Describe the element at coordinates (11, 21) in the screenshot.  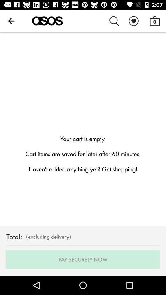
I see `the item above your cart is icon` at that location.